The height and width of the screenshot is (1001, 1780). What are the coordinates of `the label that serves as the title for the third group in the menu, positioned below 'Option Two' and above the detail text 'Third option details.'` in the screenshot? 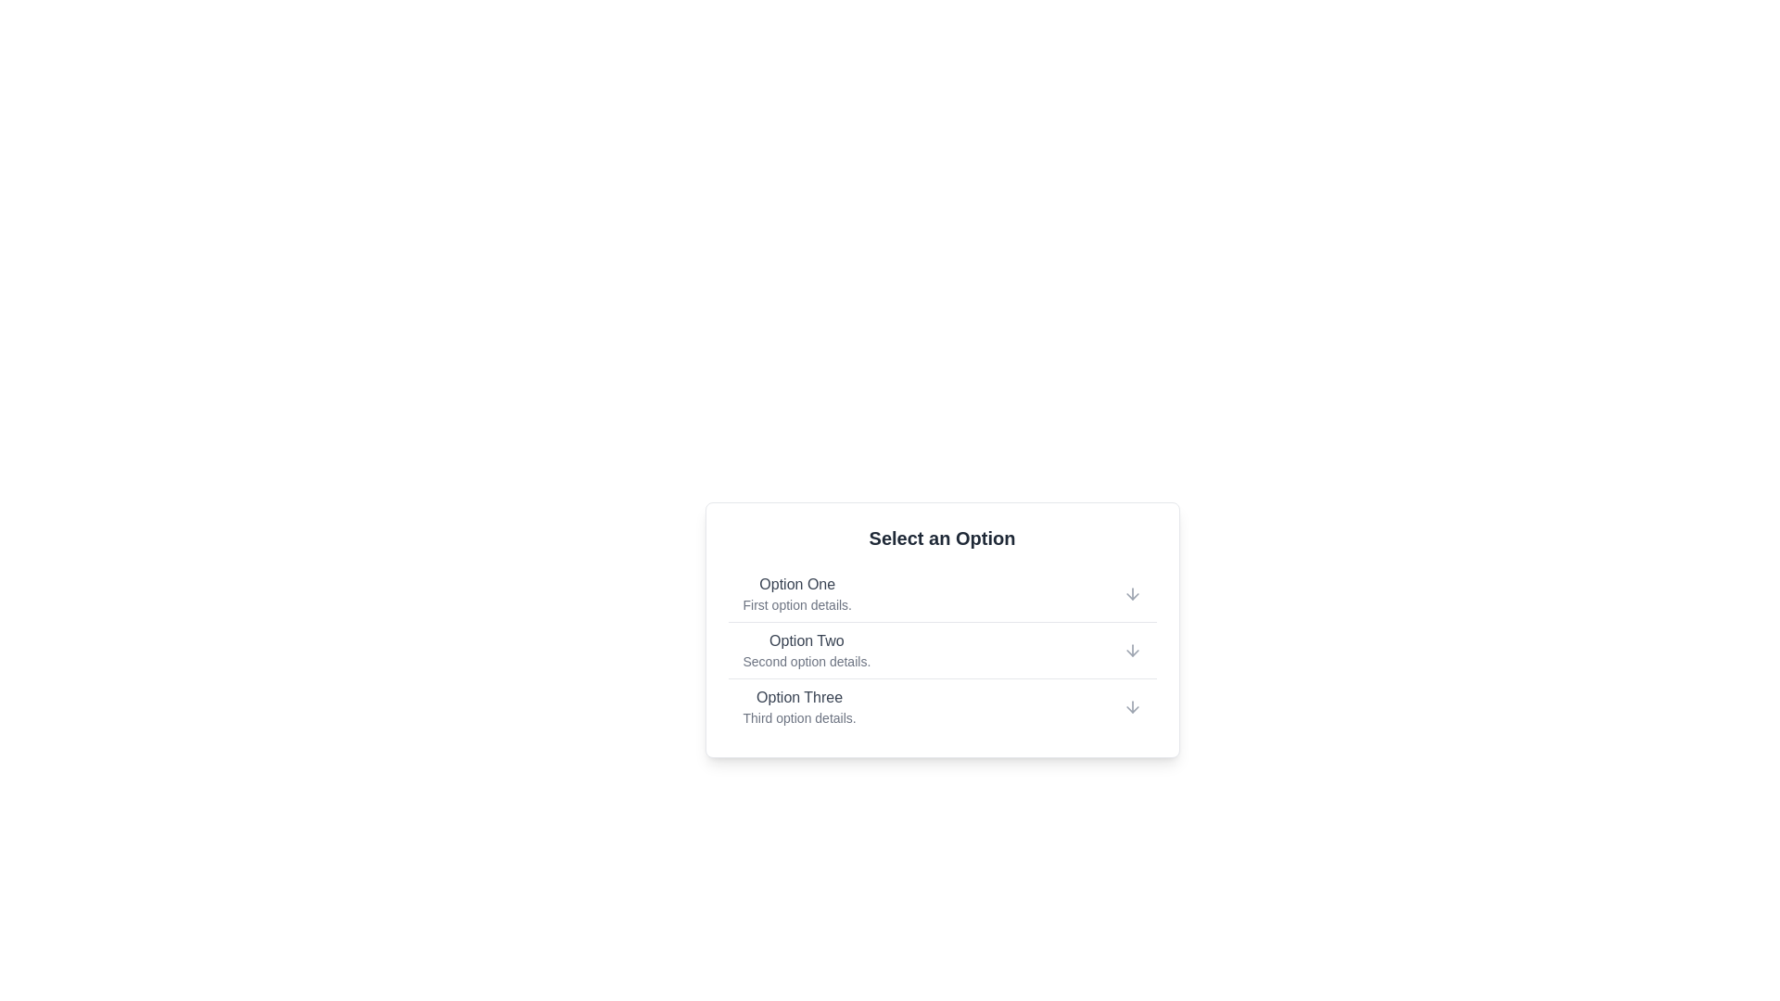 It's located at (799, 697).